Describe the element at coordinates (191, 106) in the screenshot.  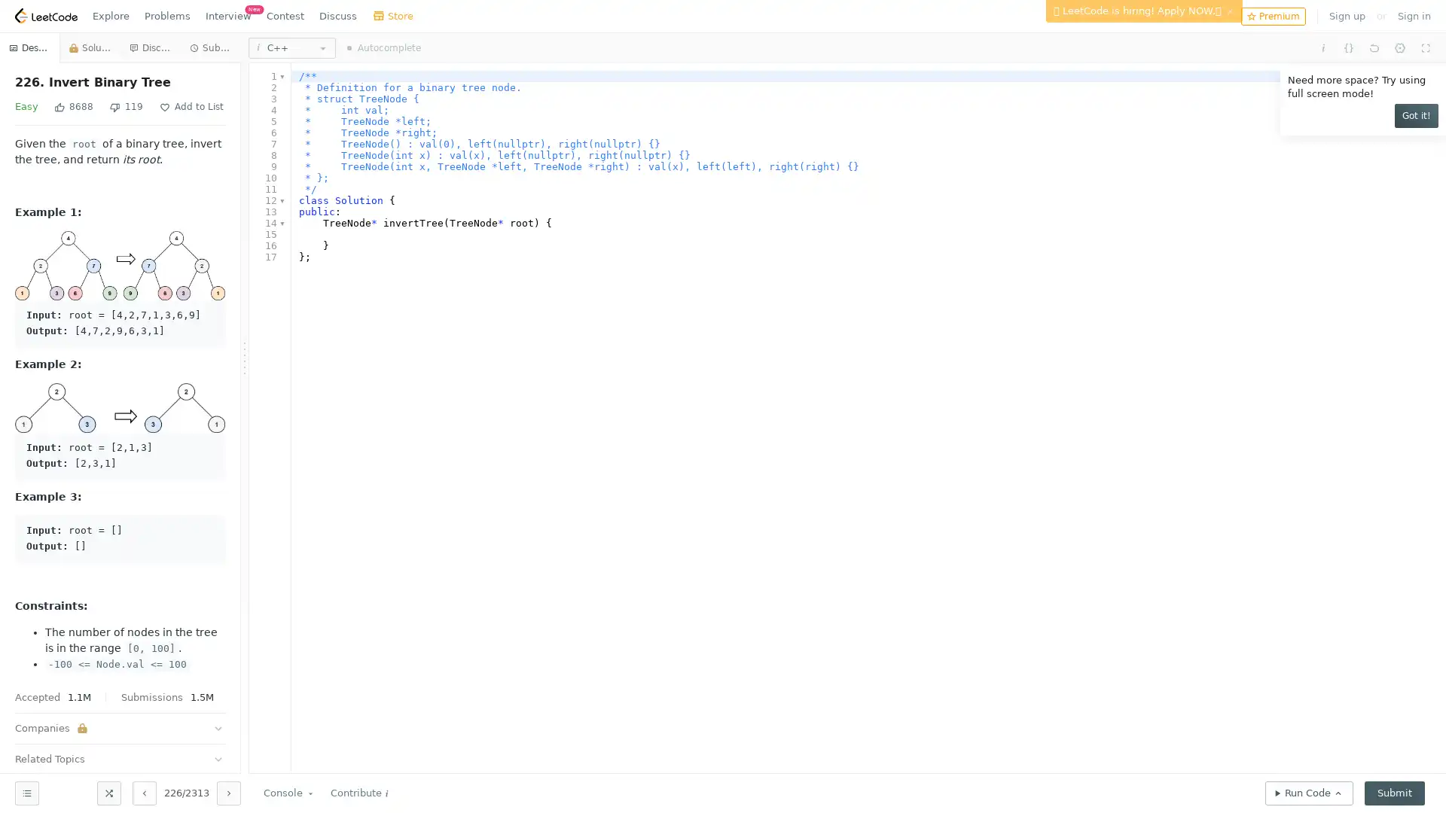
I see `Add to List` at that location.